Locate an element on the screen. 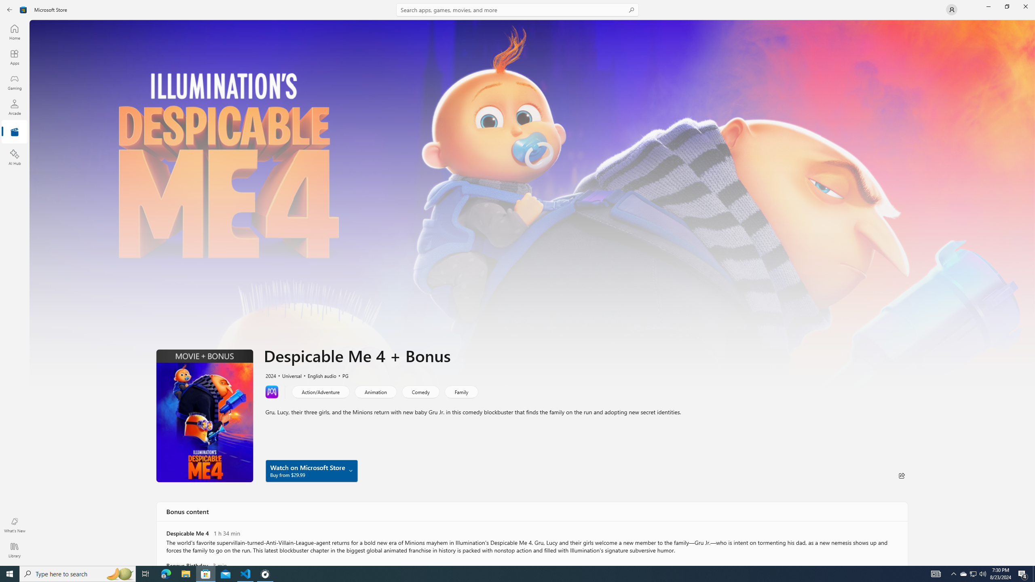 The height and width of the screenshot is (582, 1035). 'Animation' is located at coordinates (376, 391).